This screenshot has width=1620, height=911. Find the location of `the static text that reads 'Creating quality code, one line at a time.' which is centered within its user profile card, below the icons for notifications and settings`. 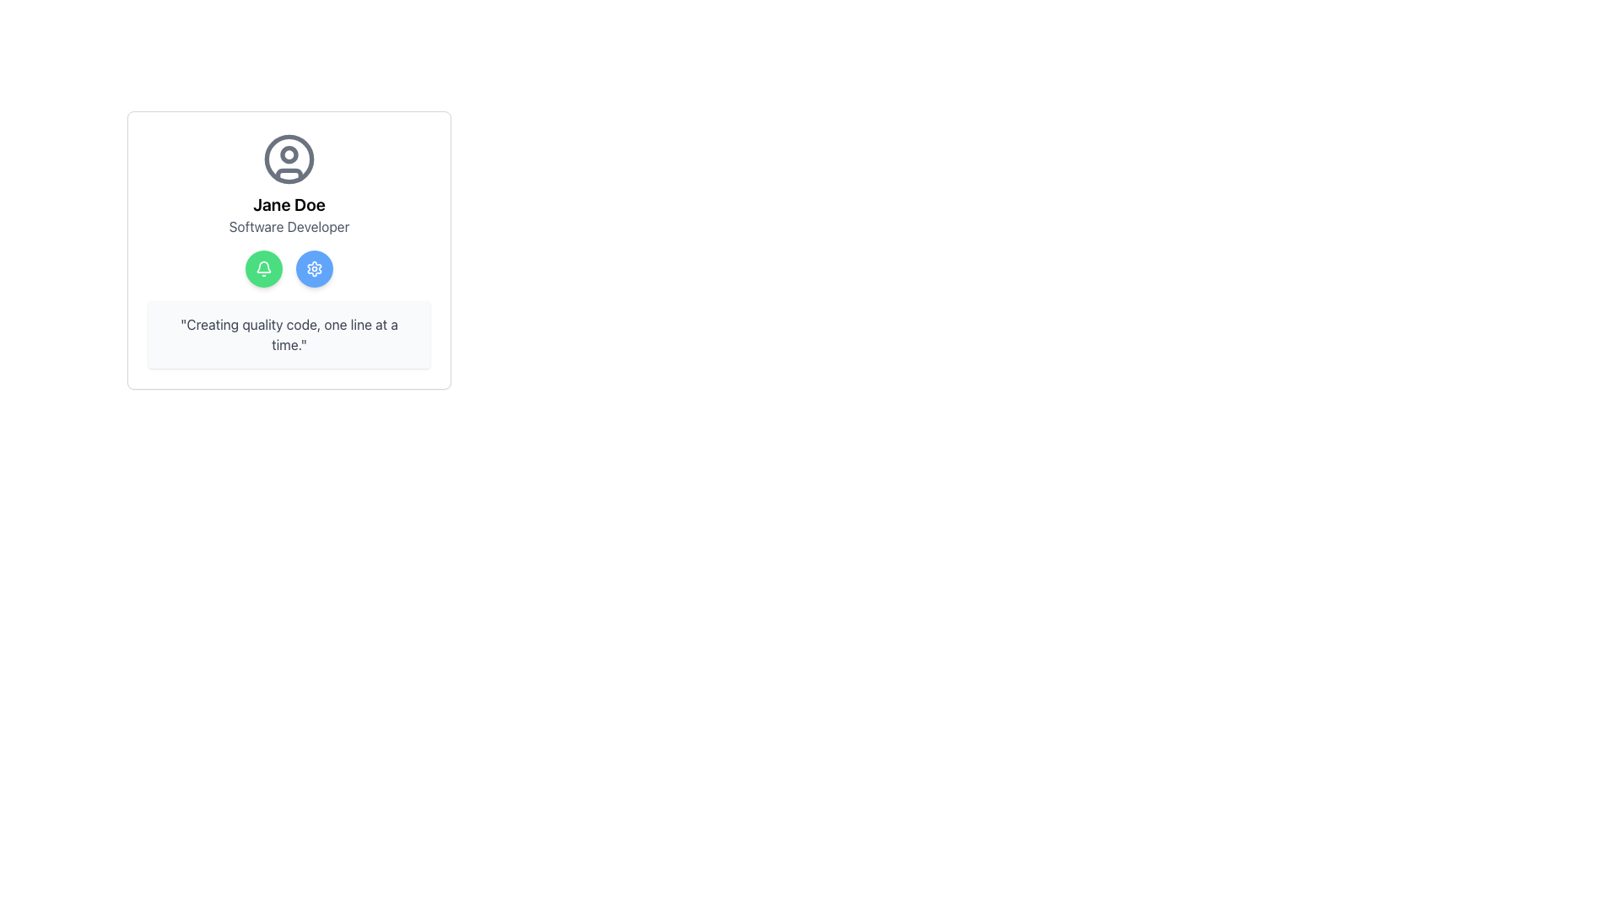

the static text that reads 'Creating quality code, one line at a time.' which is centered within its user profile card, below the icons for notifications and settings is located at coordinates (289, 335).